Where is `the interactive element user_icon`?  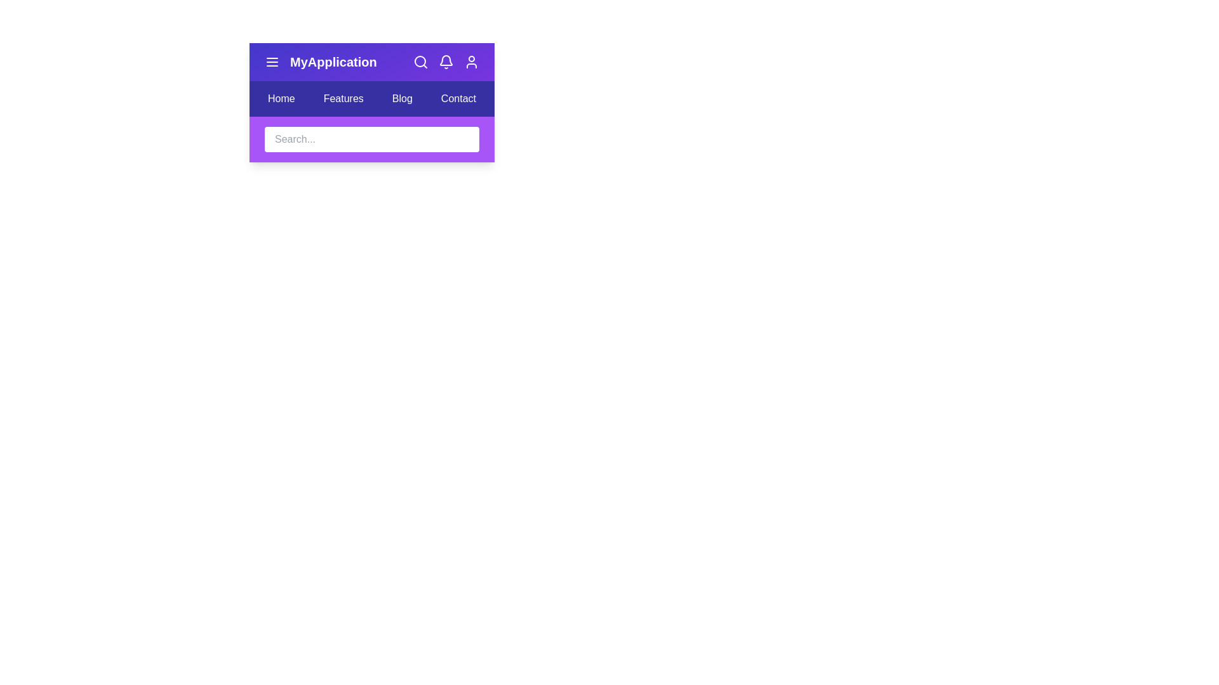 the interactive element user_icon is located at coordinates (471, 62).